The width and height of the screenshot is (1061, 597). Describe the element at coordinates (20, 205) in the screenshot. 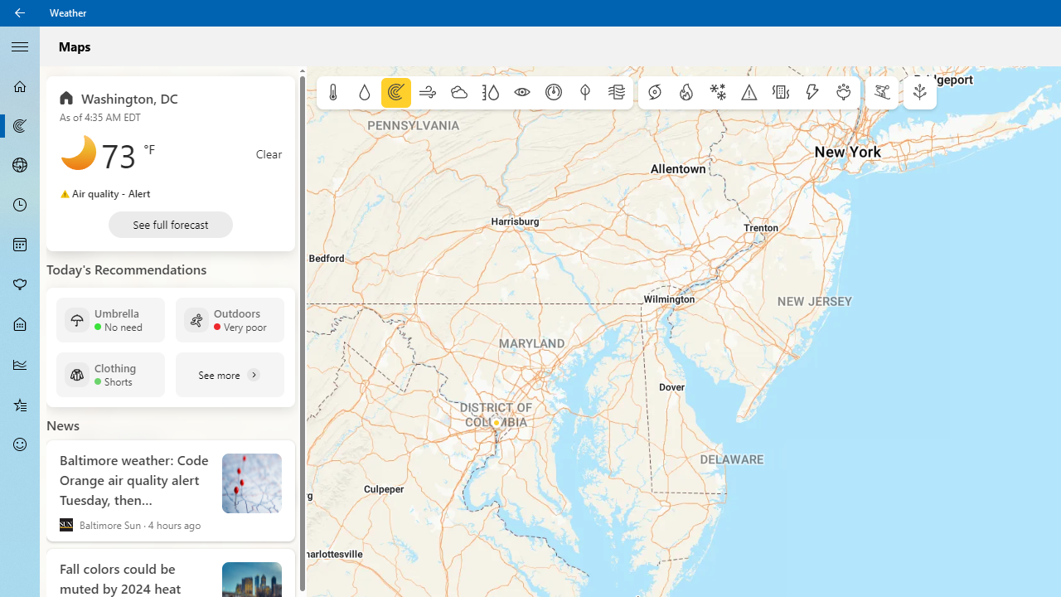

I see `'Hourly Forecast - Not Selected'` at that location.